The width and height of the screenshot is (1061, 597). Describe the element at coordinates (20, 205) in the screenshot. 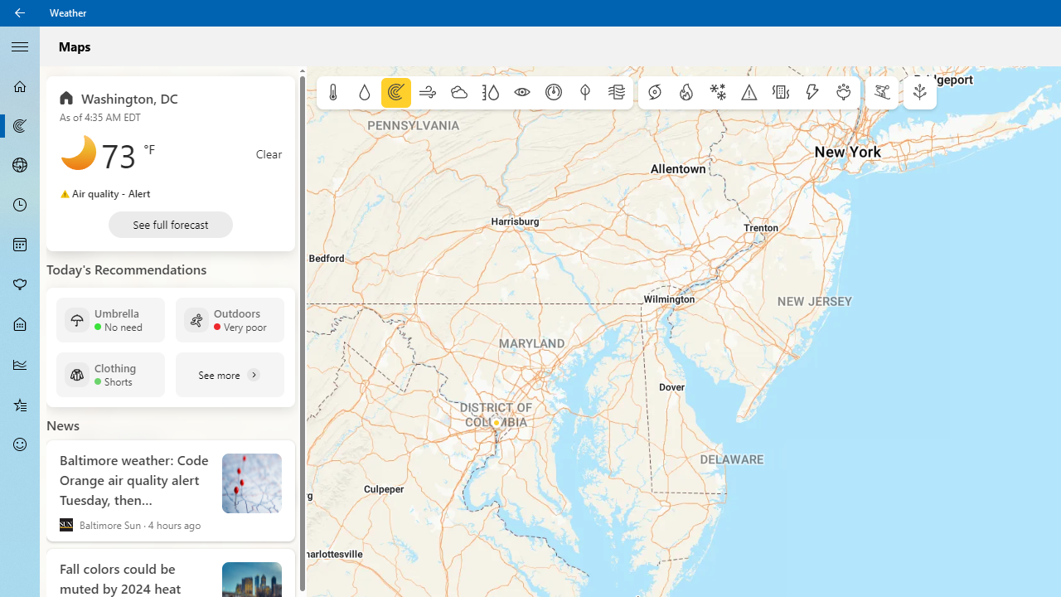

I see `'Hourly Forecast - Not Selected'` at that location.